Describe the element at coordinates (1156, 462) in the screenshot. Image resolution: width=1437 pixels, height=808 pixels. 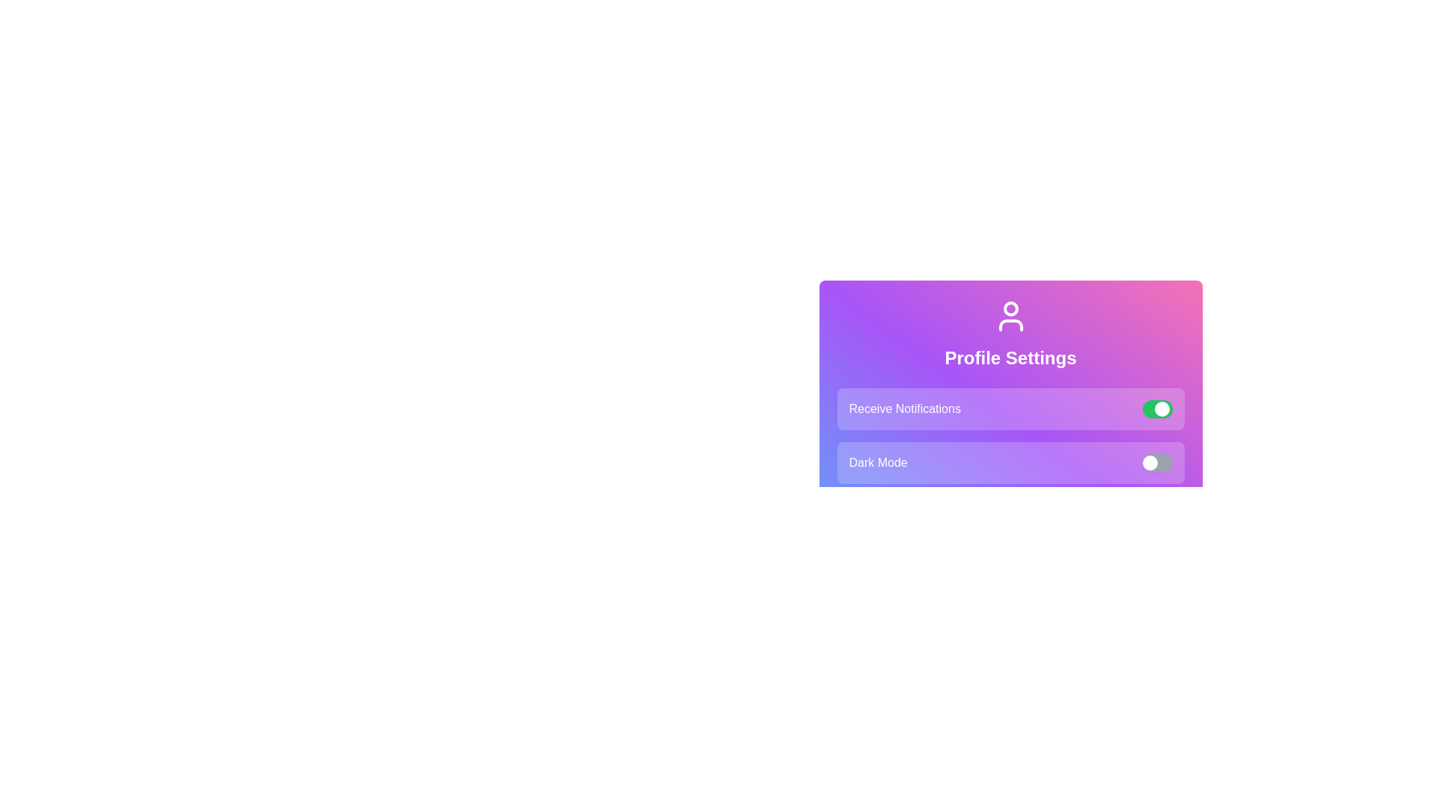
I see `the toggle switch for Dark Mode` at that location.